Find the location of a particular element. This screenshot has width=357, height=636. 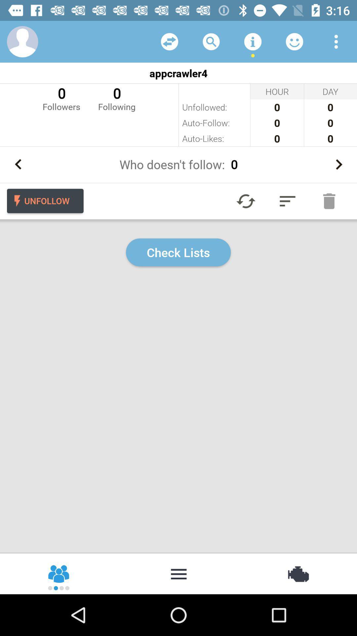

the arrow_forward icon is located at coordinates (338, 164).